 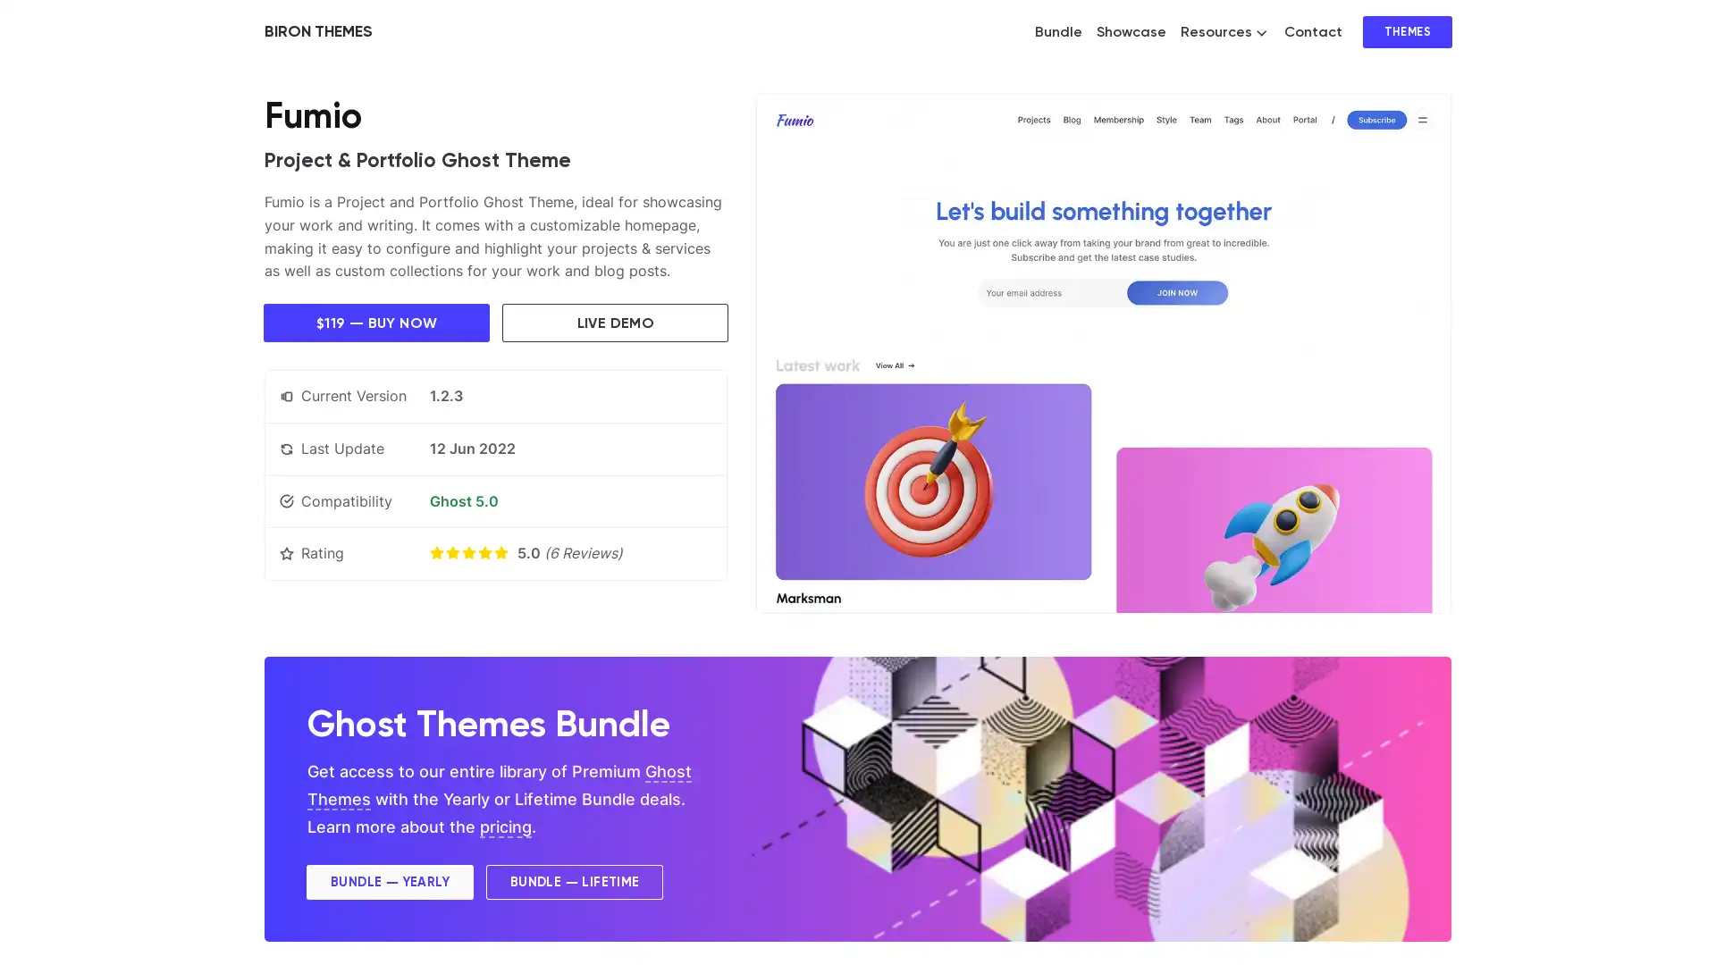 What do you see at coordinates (1223, 31) in the screenshot?
I see `Resources` at bounding box center [1223, 31].